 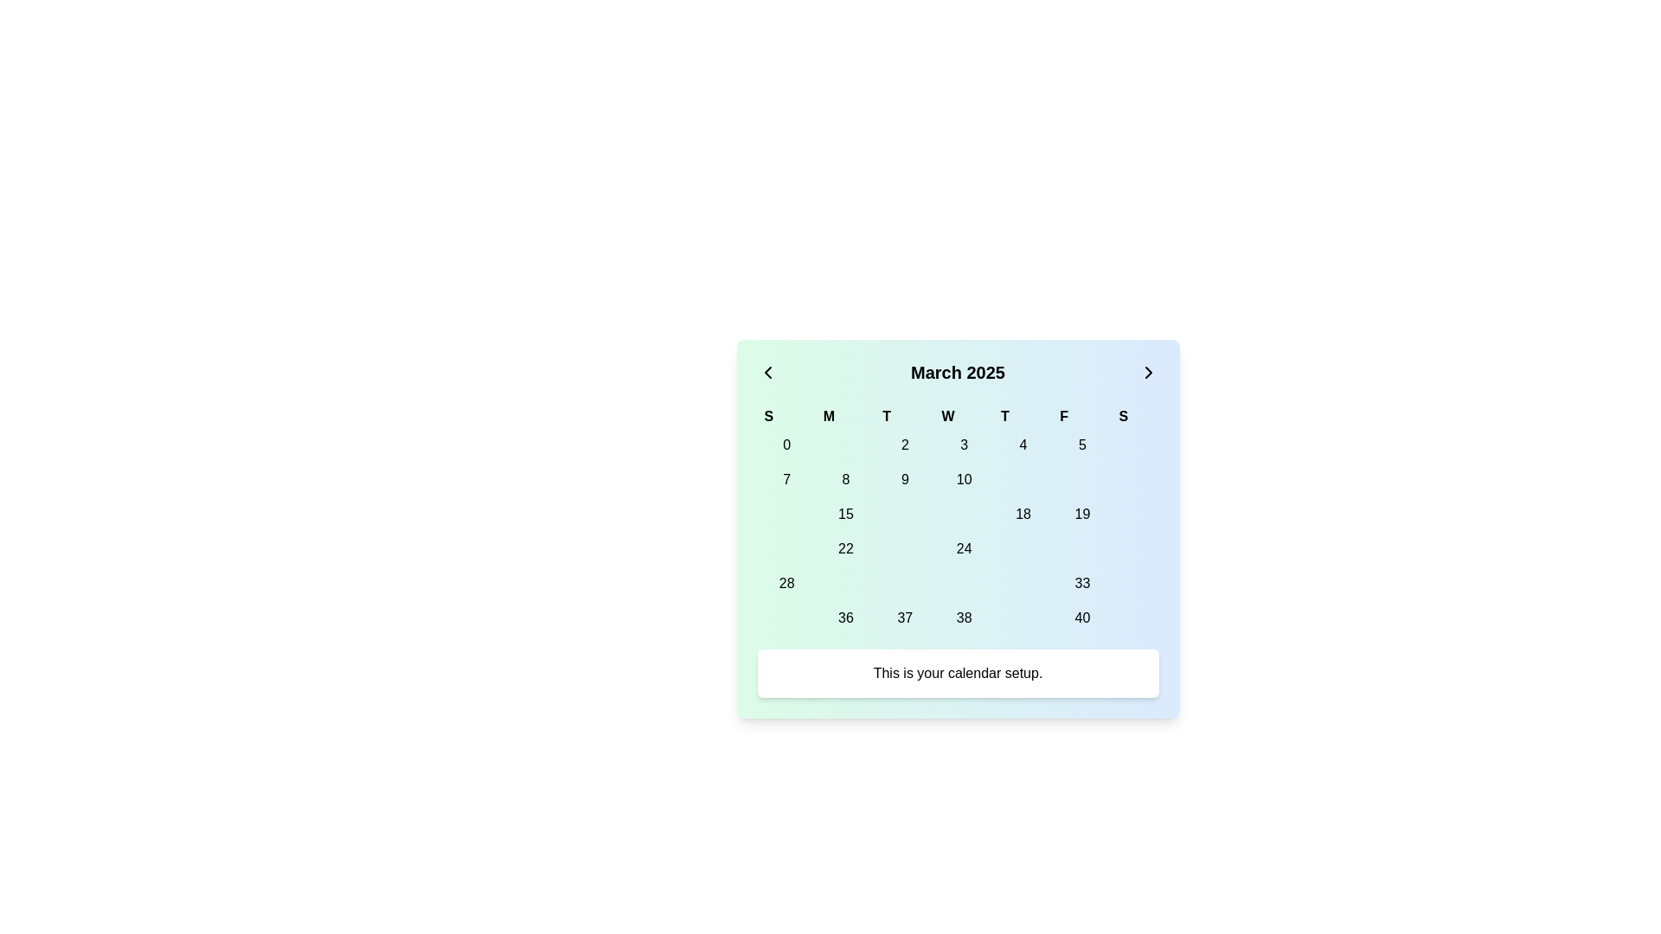 I want to click on the fourth Text label representing a specific day in the calendar view, located between the numbers 37 and 40, so click(x=963, y=617).